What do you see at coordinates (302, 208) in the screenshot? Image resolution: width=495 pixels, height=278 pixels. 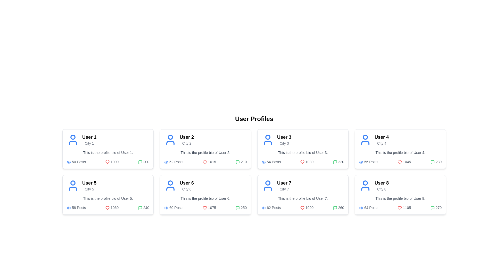 I see `the heart-shaped icon representing likes for User 7's profile, located next to the text '1090'` at bounding box center [302, 208].